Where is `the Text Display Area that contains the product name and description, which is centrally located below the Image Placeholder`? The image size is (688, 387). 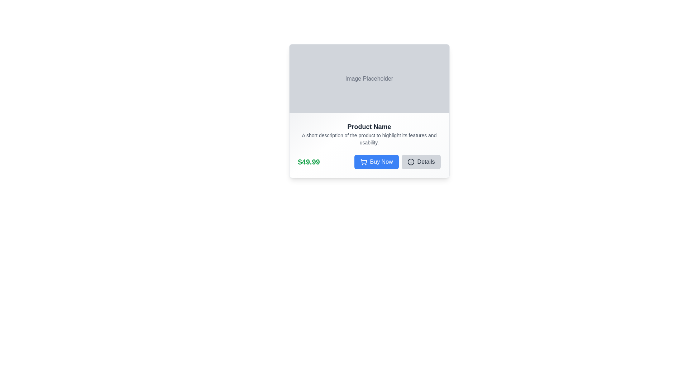 the Text Display Area that contains the product name and description, which is centrally located below the Image Placeholder is located at coordinates (369, 134).